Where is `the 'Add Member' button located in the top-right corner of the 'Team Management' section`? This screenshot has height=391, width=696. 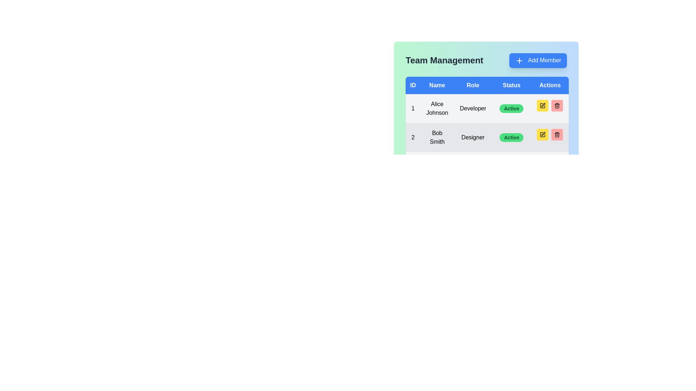
the 'Add Member' button located in the top-right corner of the 'Team Management' section is located at coordinates (538, 60).